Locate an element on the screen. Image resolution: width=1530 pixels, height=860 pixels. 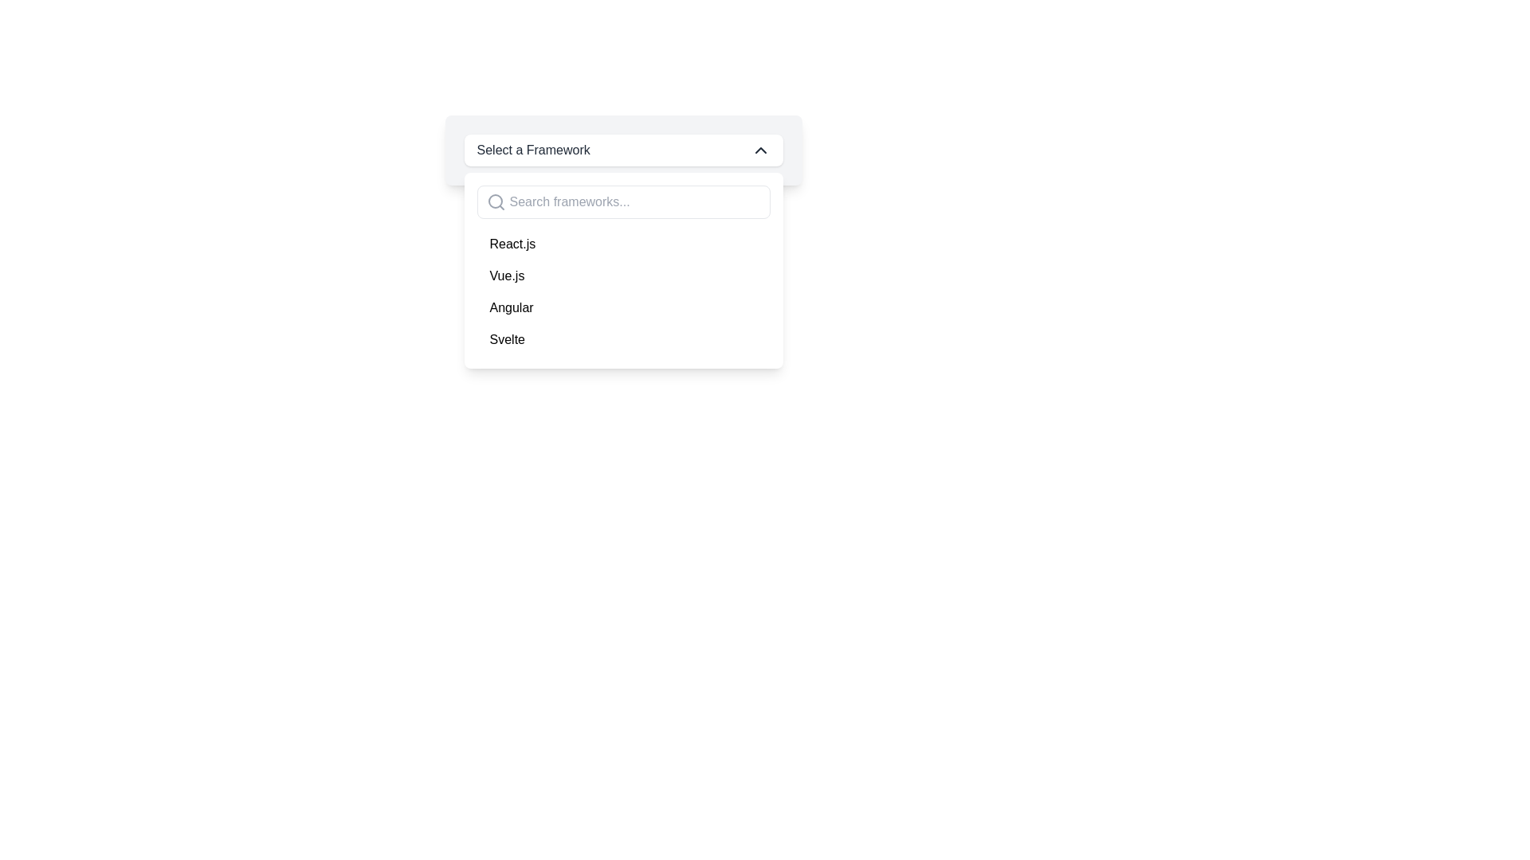
the Dropdown header labeled 'Select a Framework' for keyboard interaction is located at coordinates (622, 150).